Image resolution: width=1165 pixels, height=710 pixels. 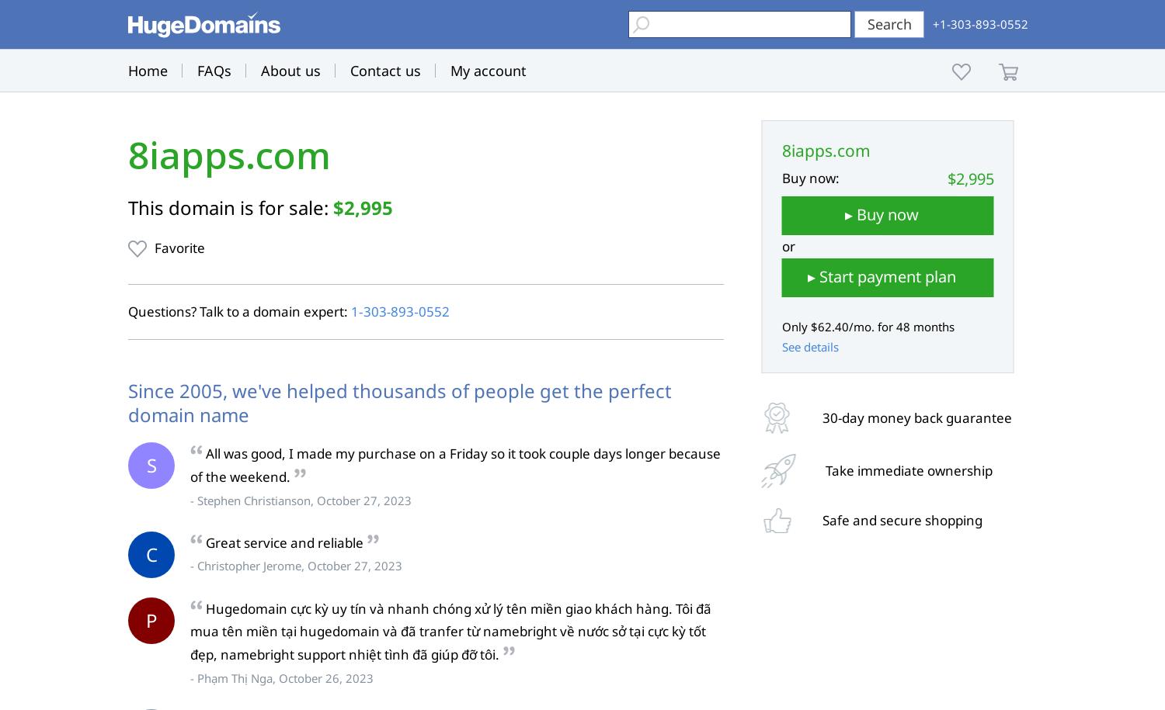 I want to click on '- Phạm Thị Nga, October 26, 2023', so click(x=281, y=677).